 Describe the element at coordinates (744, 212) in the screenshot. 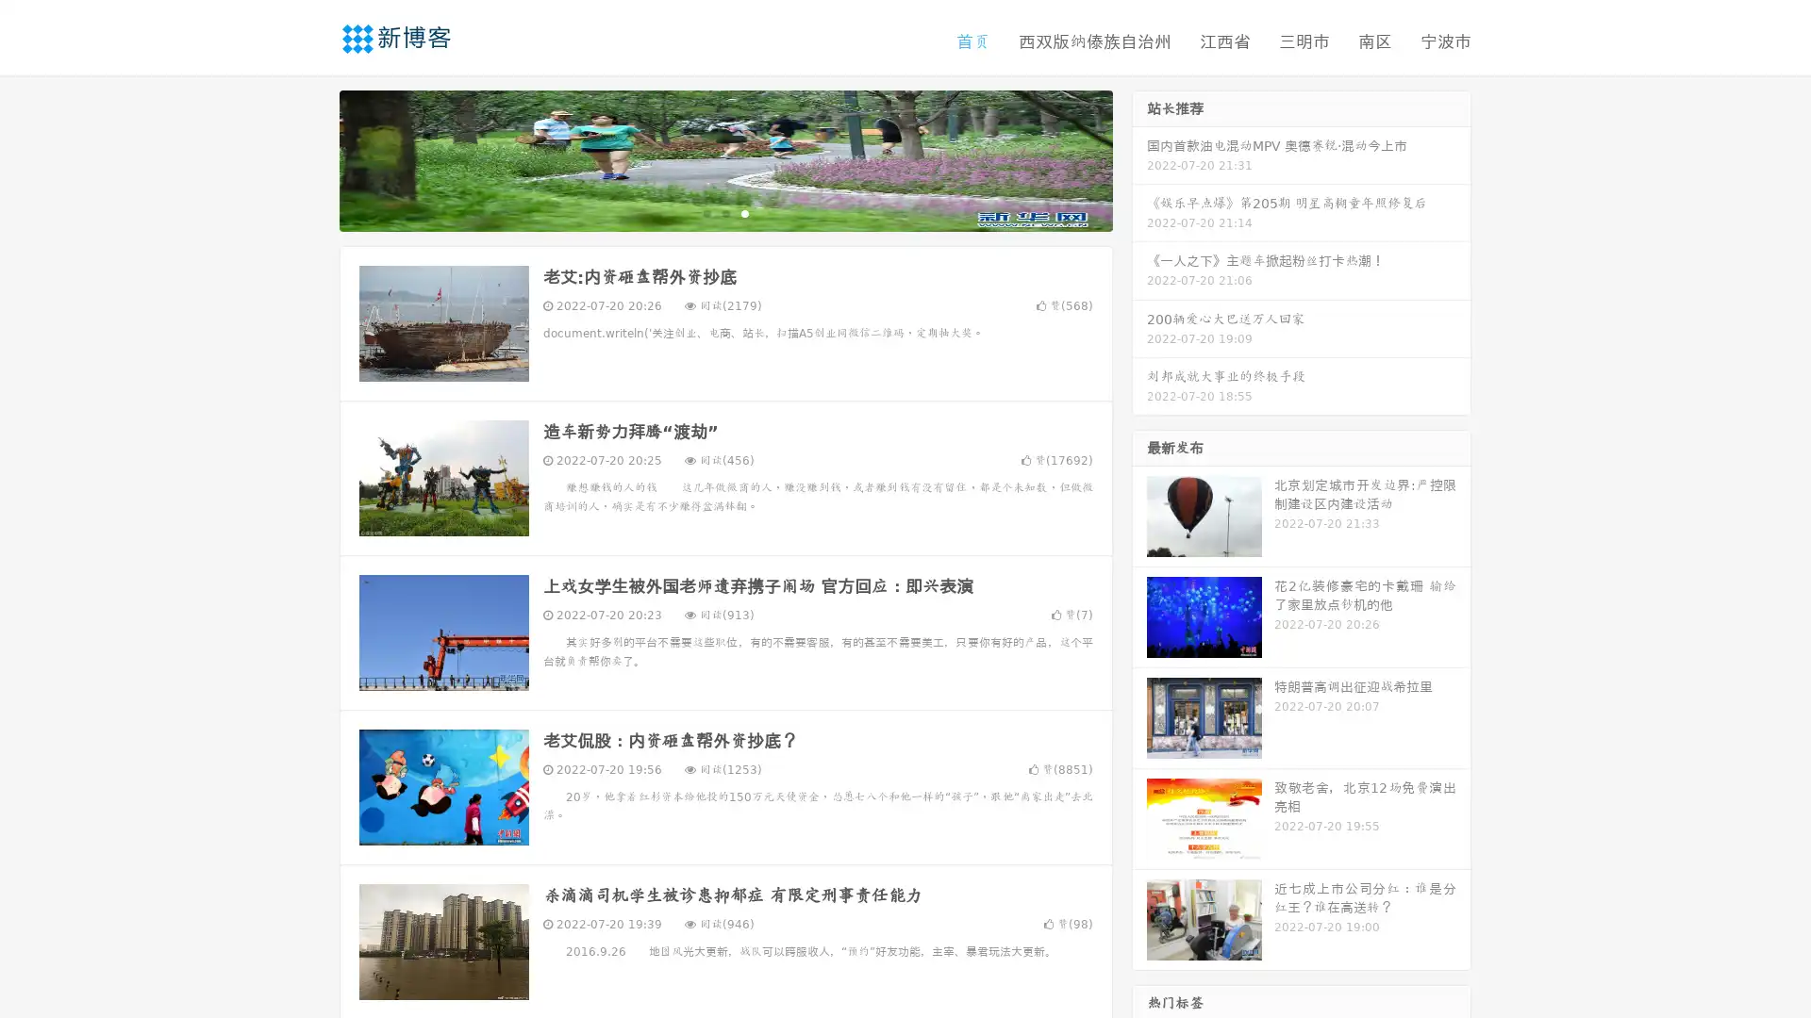

I see `Go to slide 3` at that location.